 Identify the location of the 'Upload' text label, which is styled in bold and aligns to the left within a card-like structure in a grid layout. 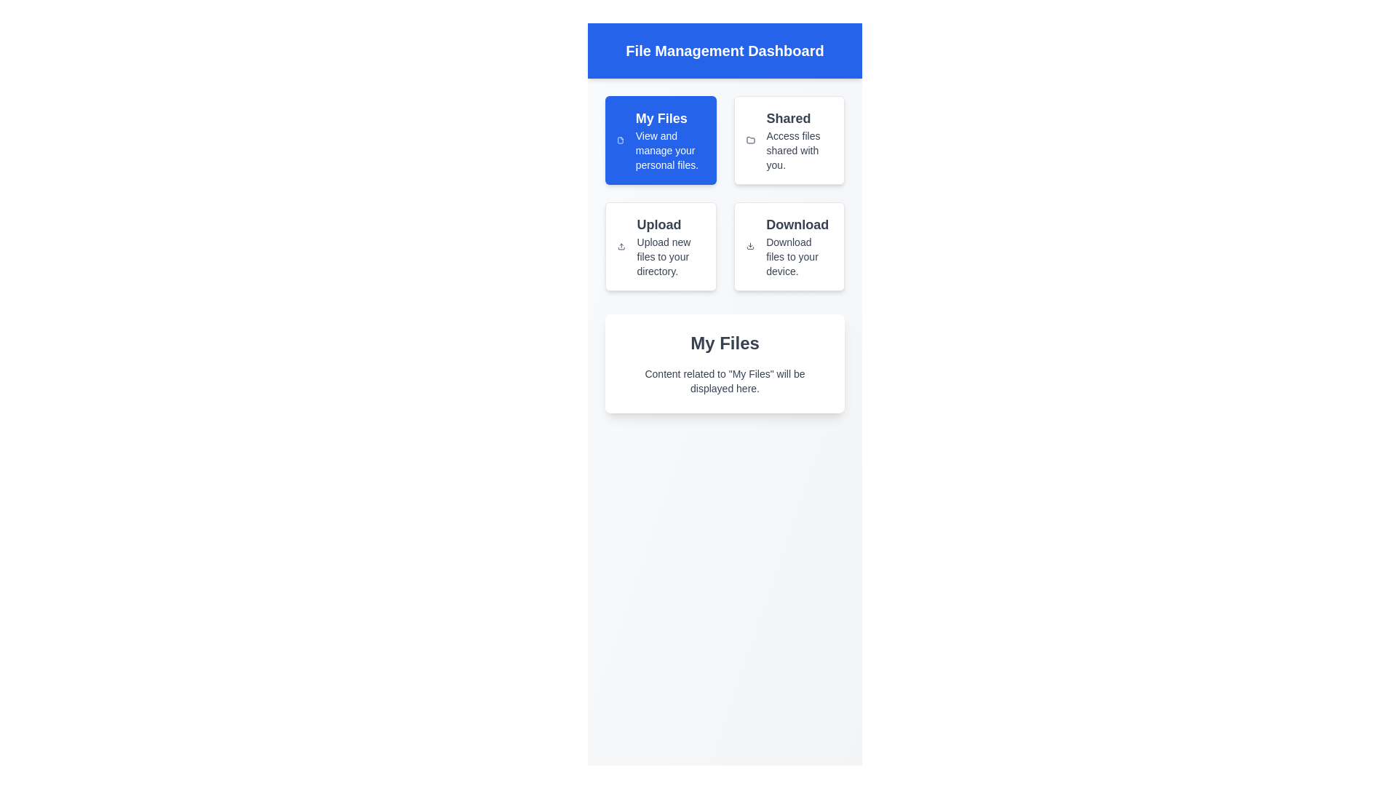
(669, 224).